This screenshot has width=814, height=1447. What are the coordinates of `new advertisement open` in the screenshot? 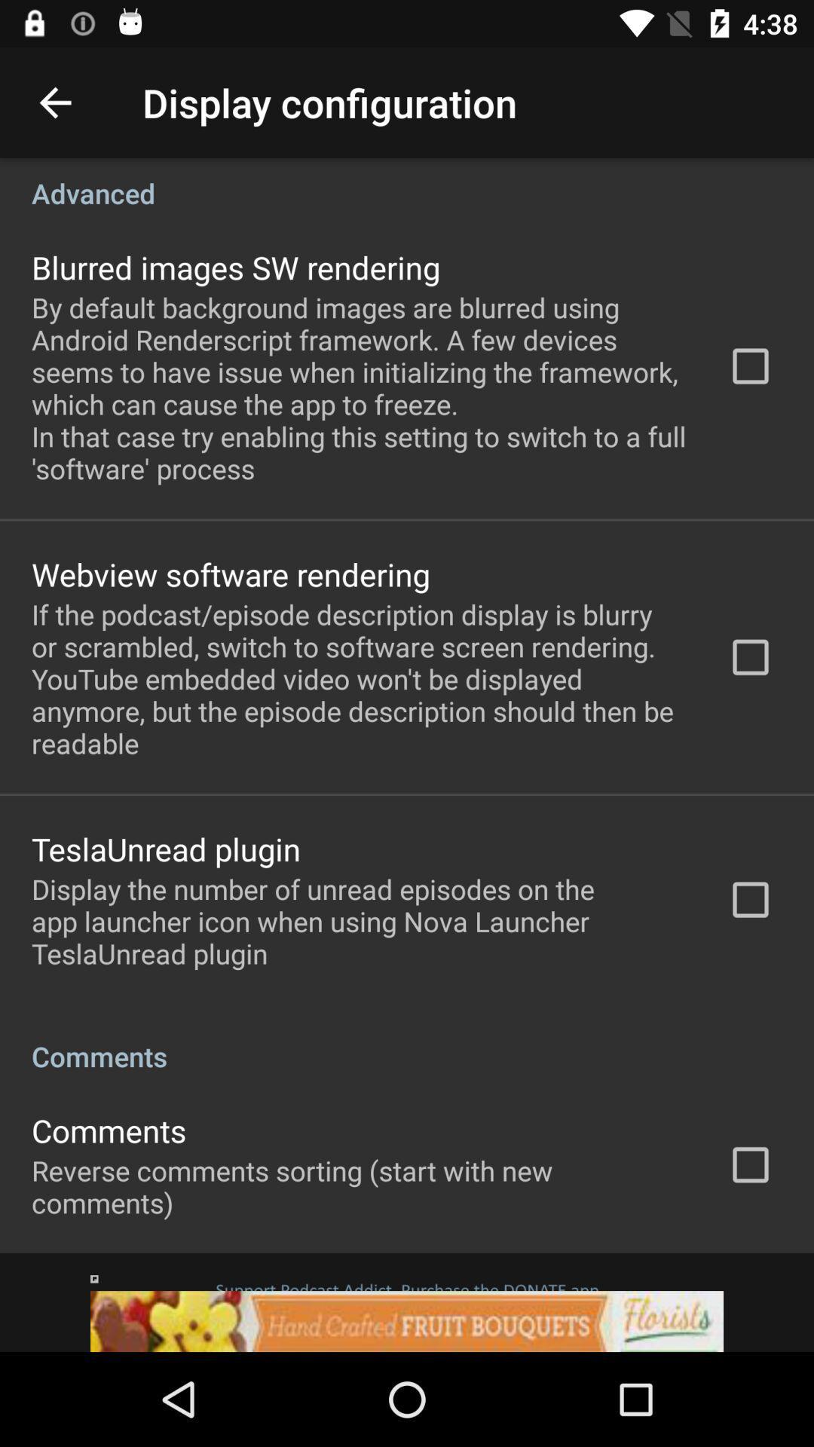 It's located at (407, 1302).